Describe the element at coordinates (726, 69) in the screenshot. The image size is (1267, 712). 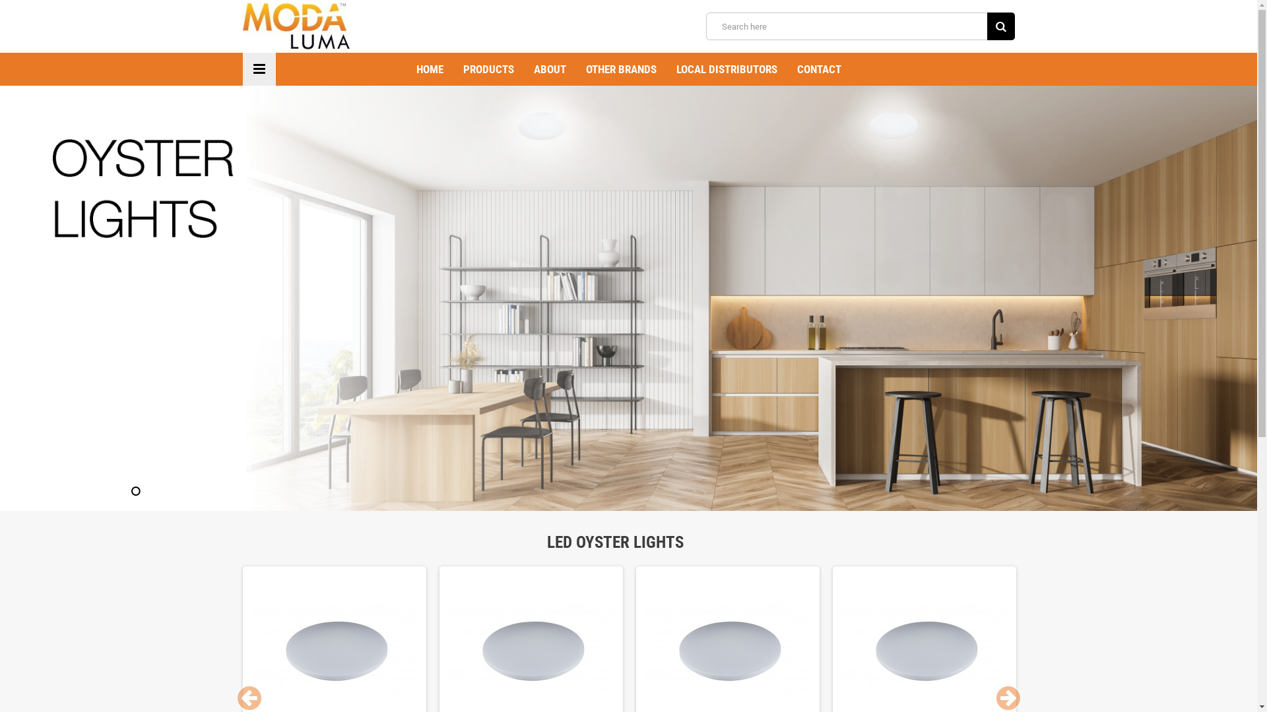
I see `'LOCAL DISTRIBUTORS'` at that location.